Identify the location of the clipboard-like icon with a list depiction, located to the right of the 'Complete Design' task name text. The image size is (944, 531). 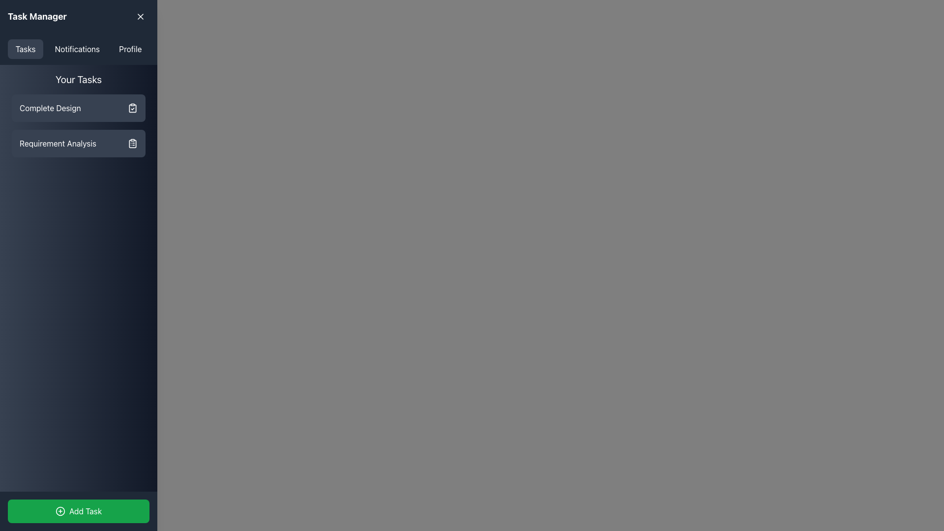
(132, 144).